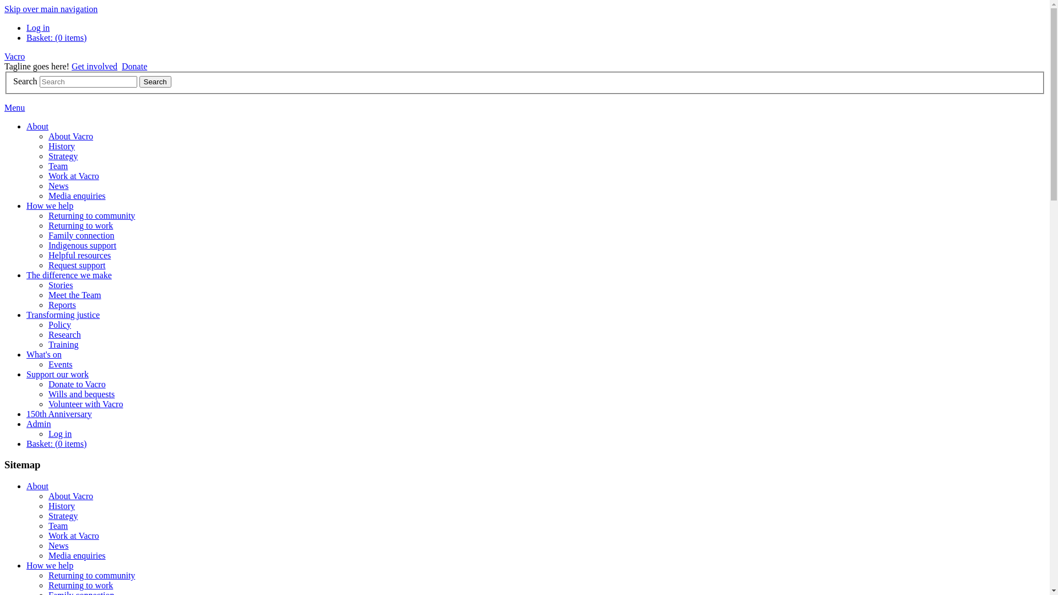 The height and width of the screenshot is (595, 1058). I want to click on 'The difference we make', so click(26, 274).